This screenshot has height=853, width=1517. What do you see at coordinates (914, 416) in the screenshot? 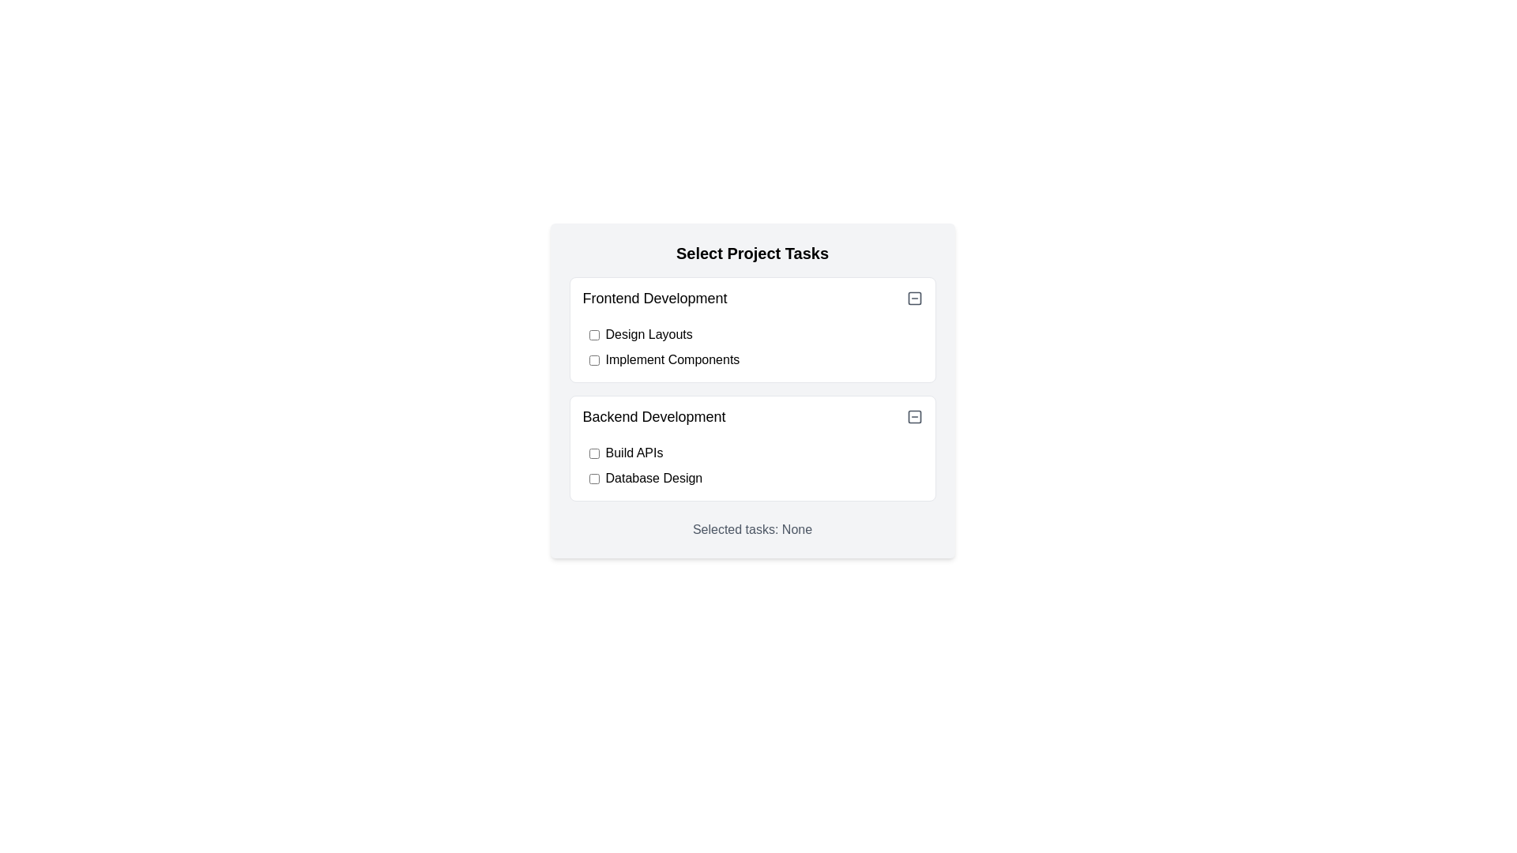
I see `the Icon button that toggles the expansion and collapse state of the 'Backend Development' section` at bounding box center [914, 416].